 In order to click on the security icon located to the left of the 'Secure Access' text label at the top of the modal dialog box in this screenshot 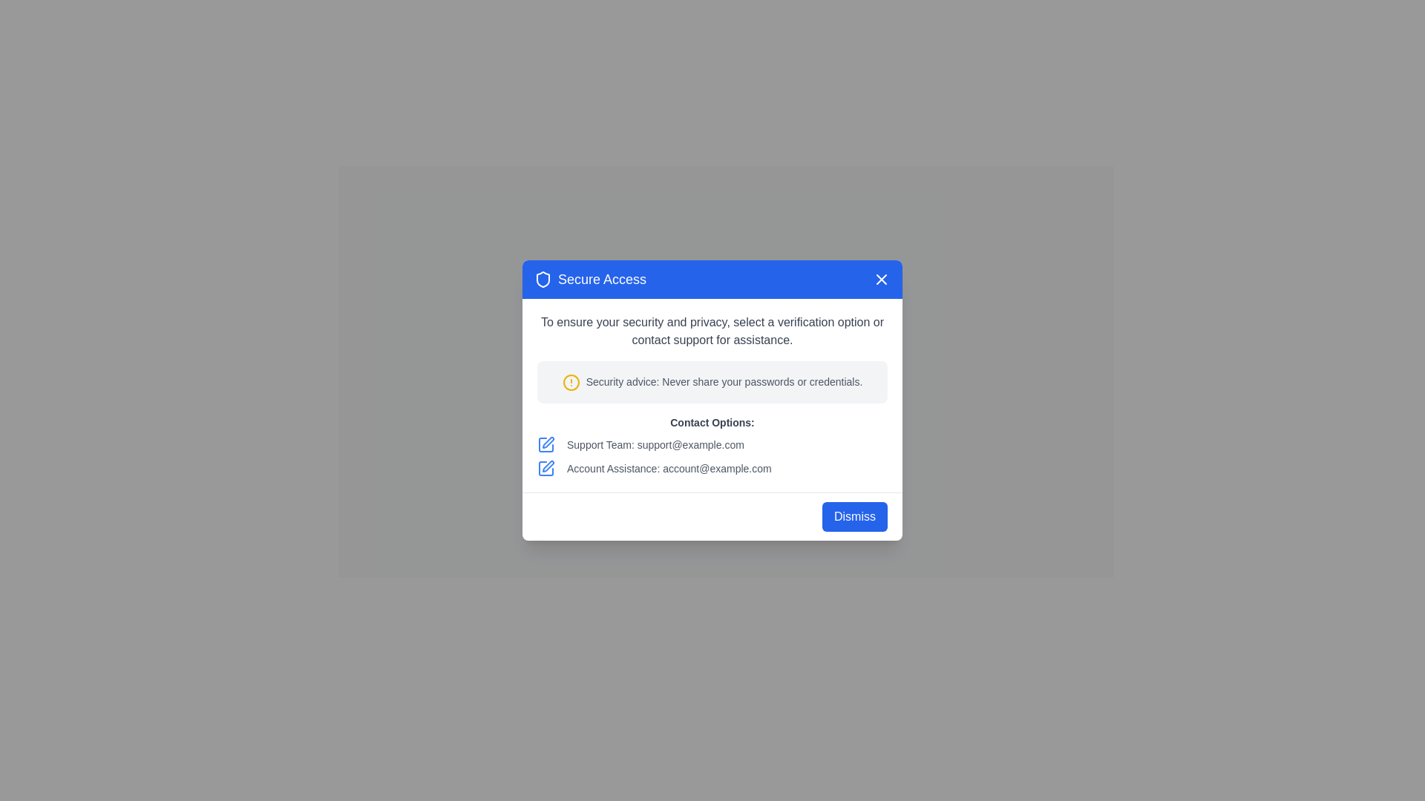, I will do `click(542, 280)`.